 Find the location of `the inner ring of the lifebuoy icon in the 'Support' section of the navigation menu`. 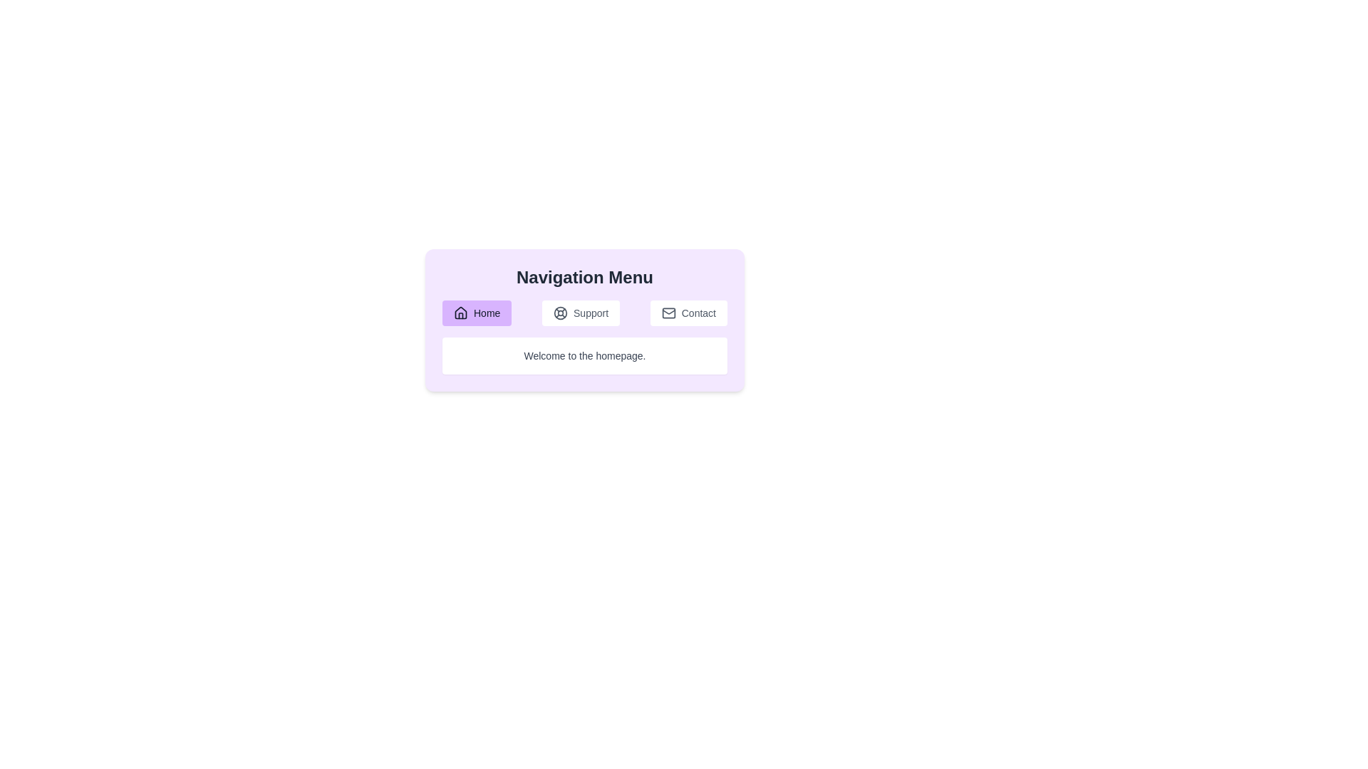

the inner ring of the lifebuoy icon in the 'Support' section of the navigation menu is located at coordinates (560, 312).